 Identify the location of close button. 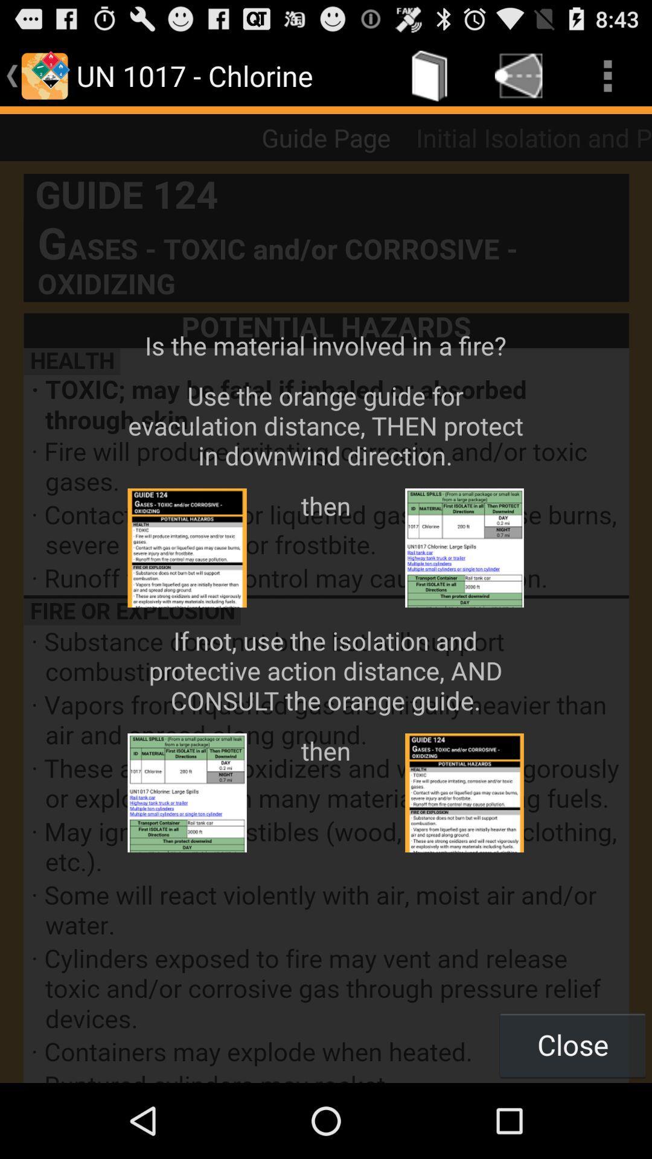
(572, 1044).